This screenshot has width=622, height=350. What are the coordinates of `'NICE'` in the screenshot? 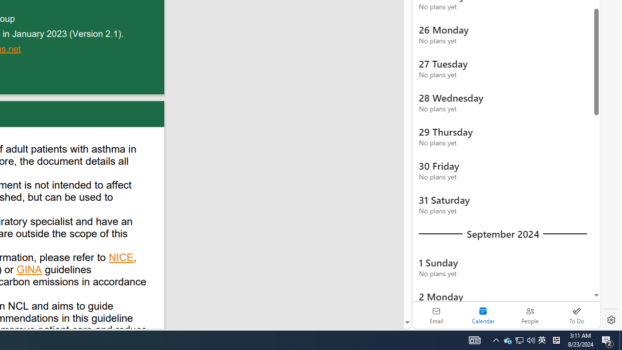 It's located at (121, 258).